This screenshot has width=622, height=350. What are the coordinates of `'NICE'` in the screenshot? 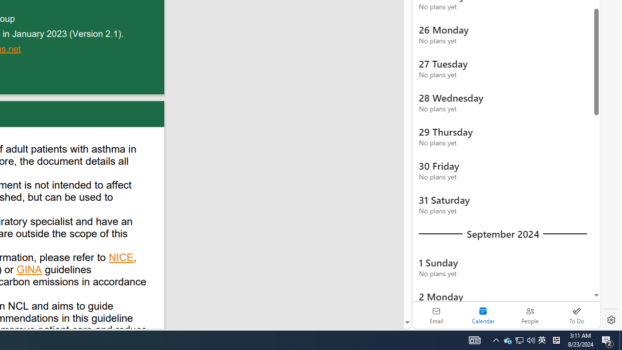 It's located at (121, 258).